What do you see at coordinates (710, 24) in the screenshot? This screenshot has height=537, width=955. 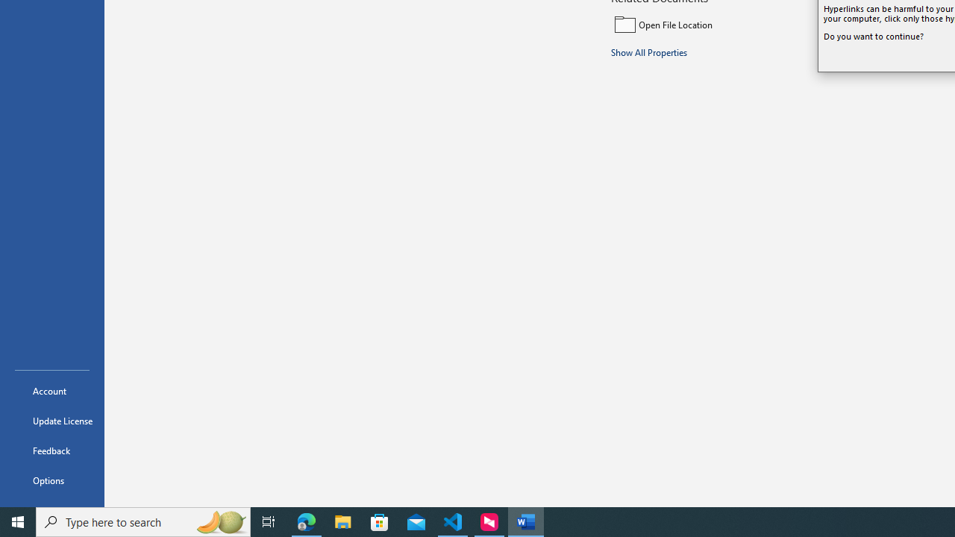 I see `'Open File Location'` at bounding box center [710, 24].